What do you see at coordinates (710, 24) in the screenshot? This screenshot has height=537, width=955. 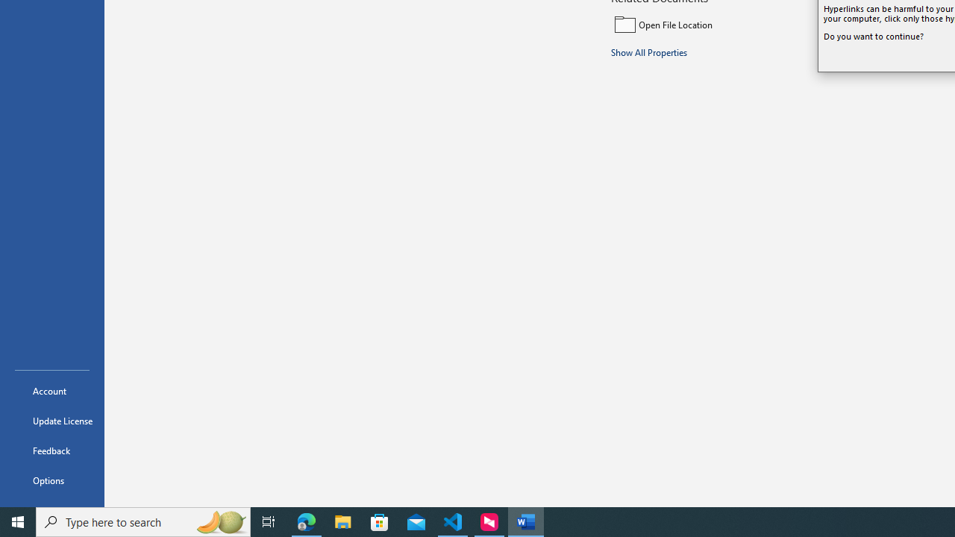 I see `'Open File Location'` at bounding box center [710, 24].